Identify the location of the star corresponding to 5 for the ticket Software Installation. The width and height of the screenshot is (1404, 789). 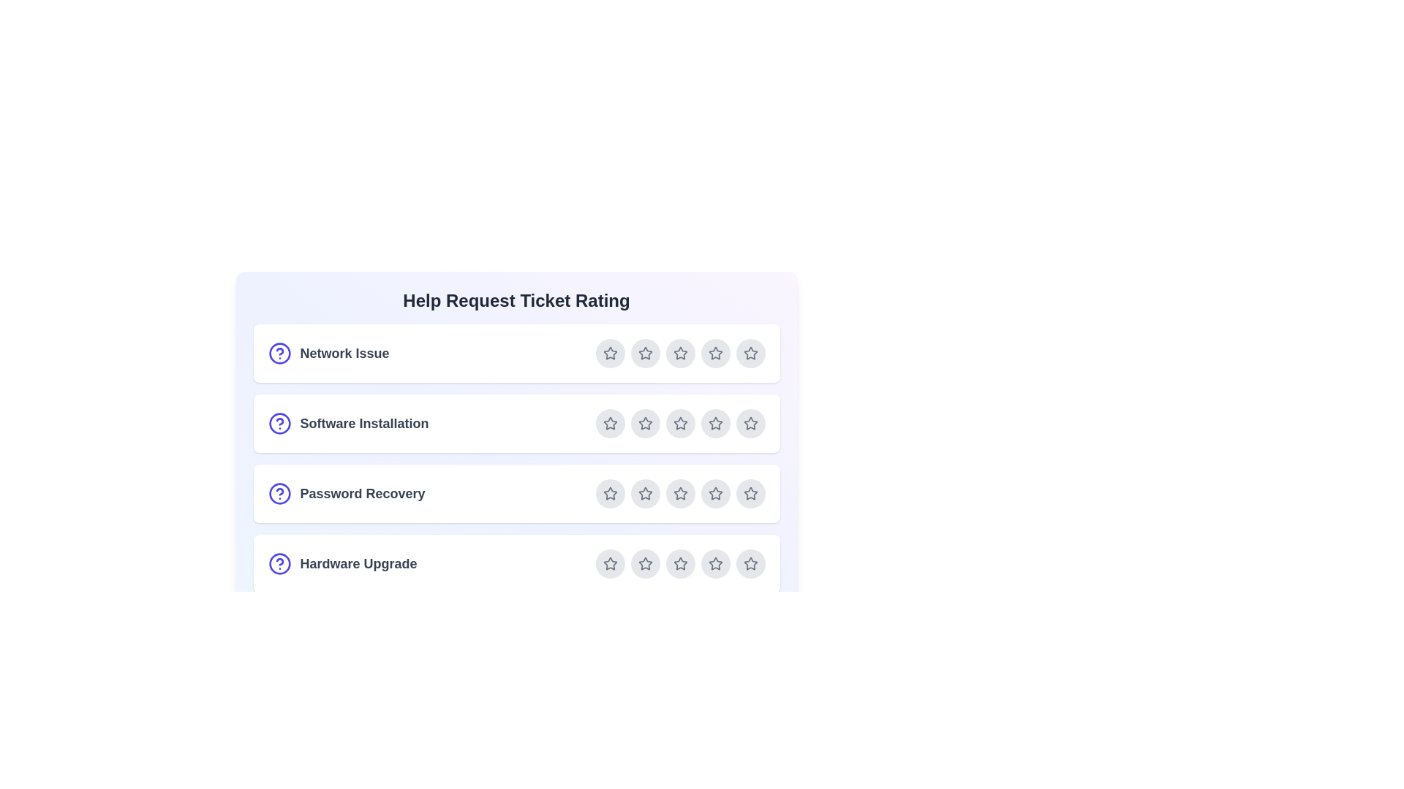
(750, 423).